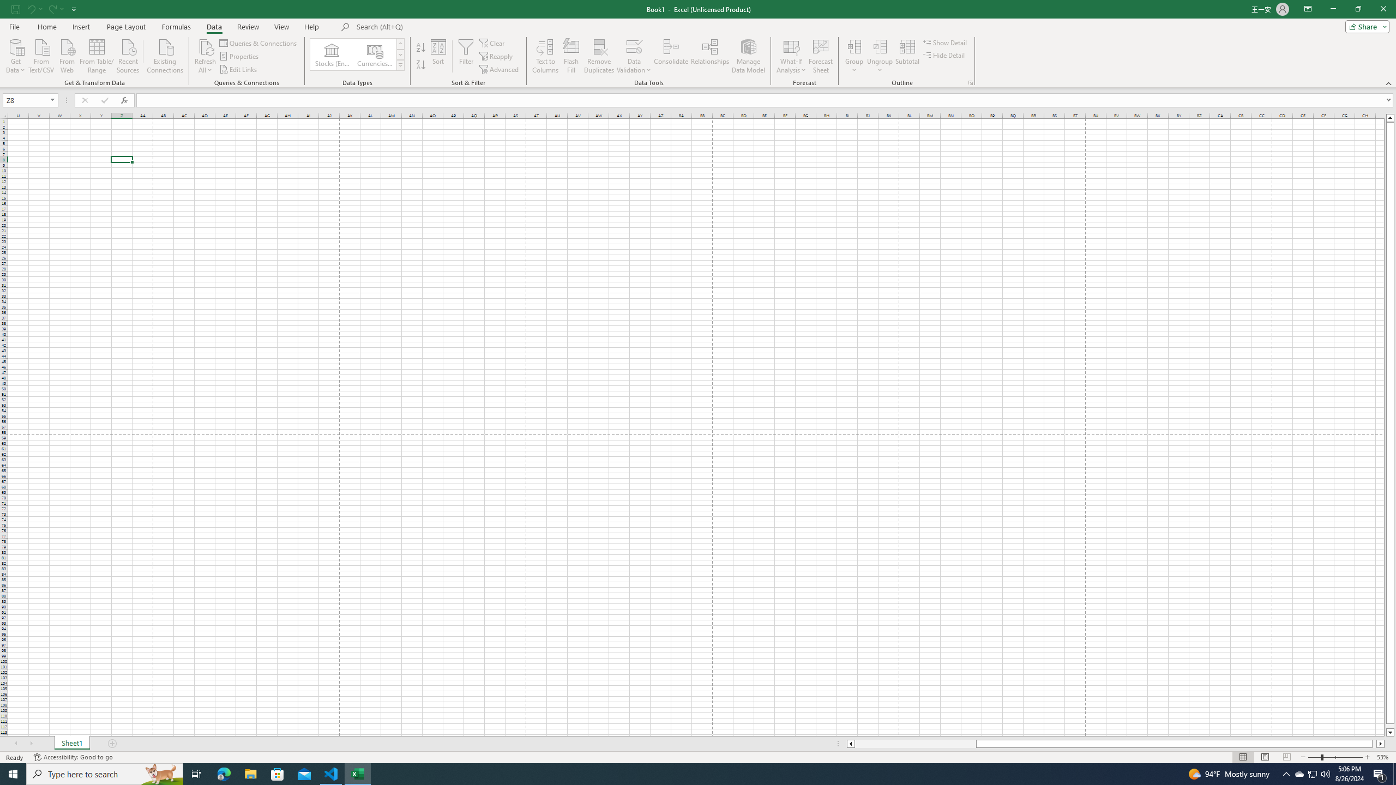  I want to click on 'System', so click(6, 5).